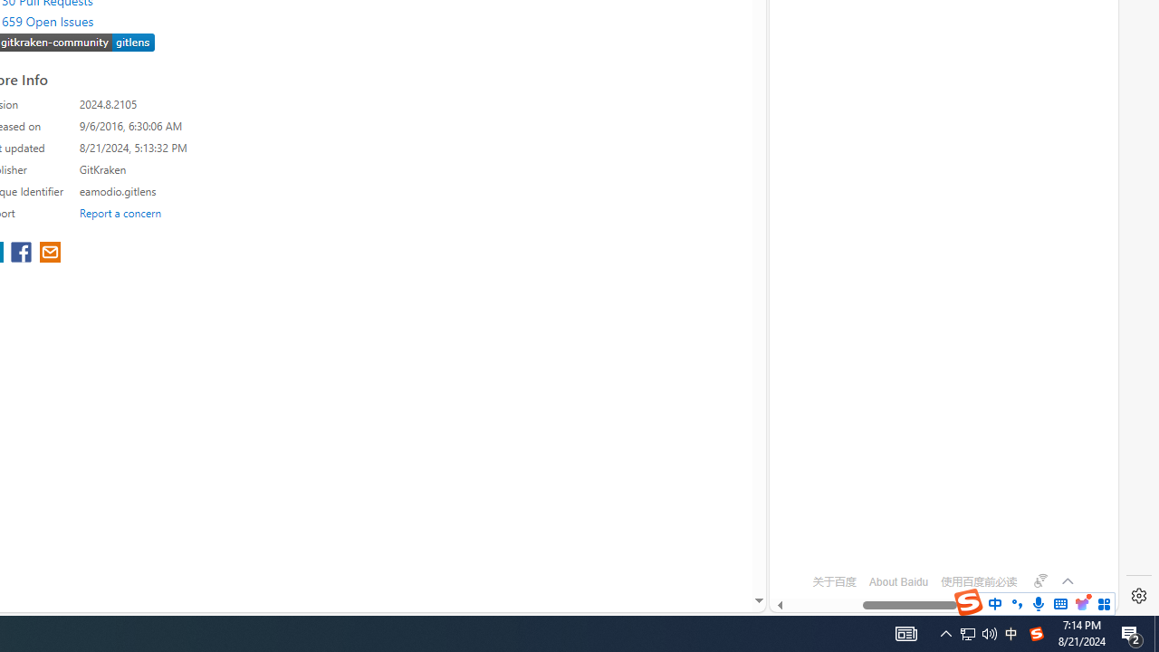 The width and height of the screenshot is (1159, 652). I want to click on 'share extension on facebook', so click(24, 254).